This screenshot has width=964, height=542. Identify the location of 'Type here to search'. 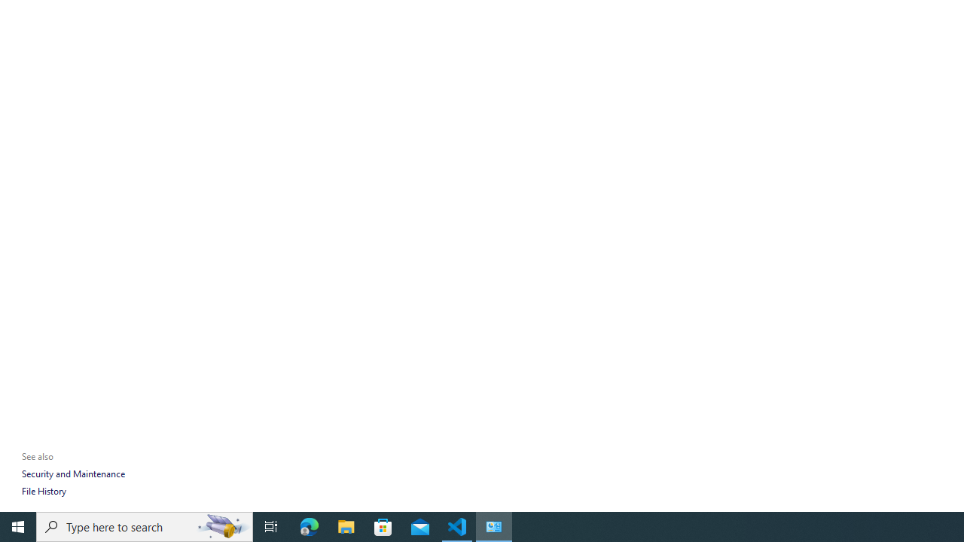
(145, 525).